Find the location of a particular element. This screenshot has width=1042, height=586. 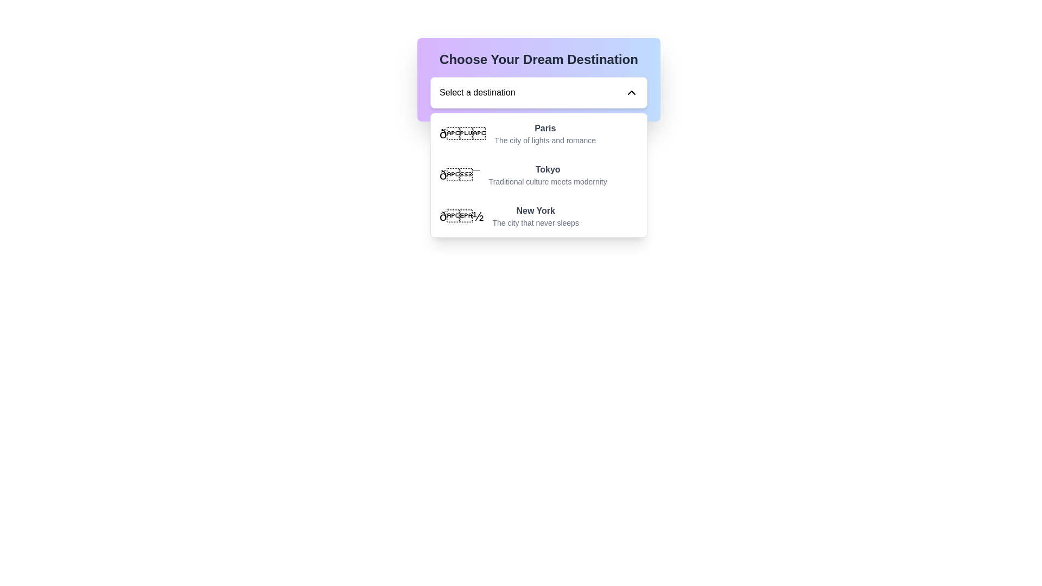

the label displaying 'New York' in bold sans-serif font located in the lower section of a dropdown list, positioned above the text 'The city that never sleeps' is located at coordinates (536, 211).